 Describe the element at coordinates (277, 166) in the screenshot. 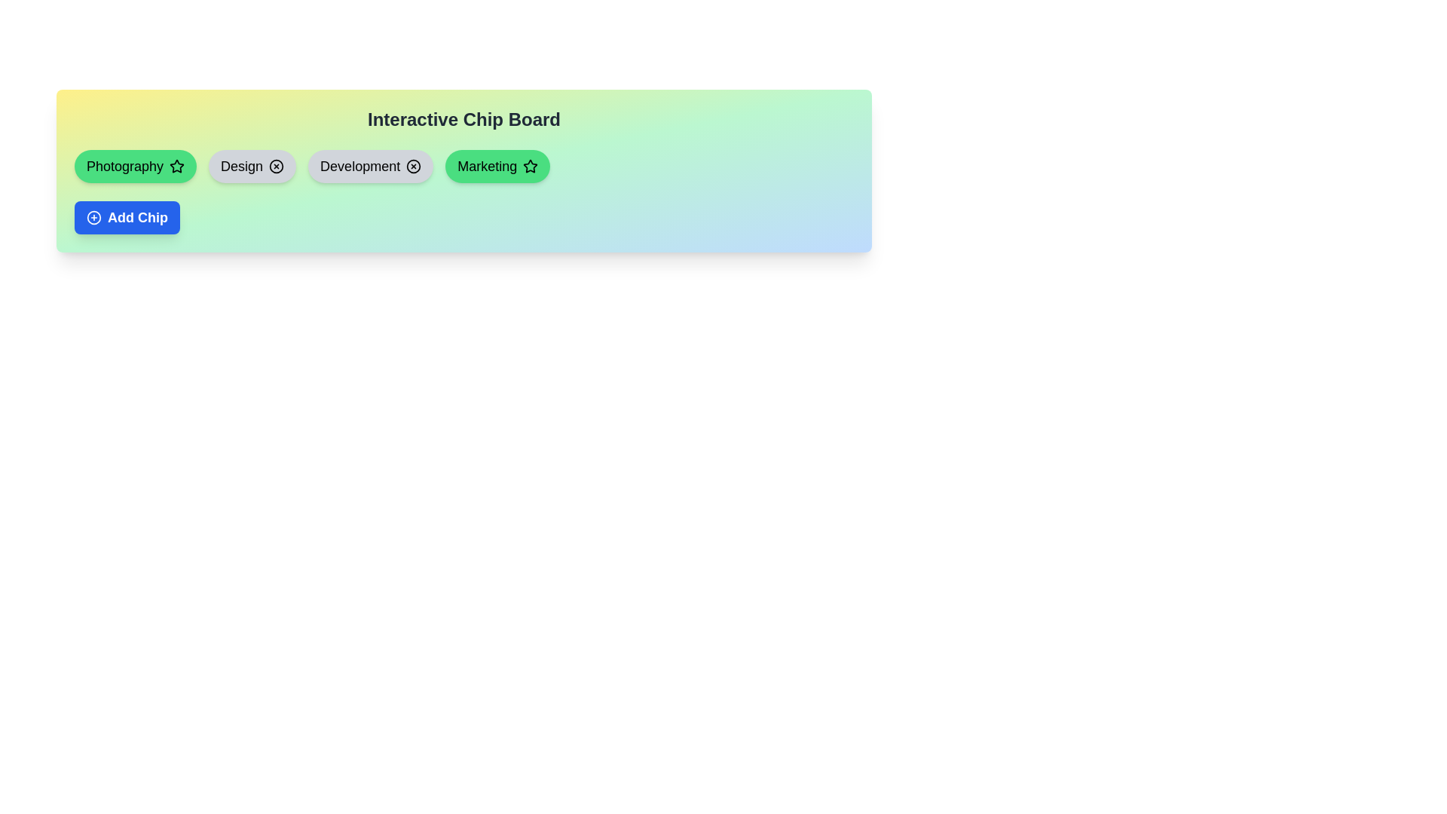

I see `the Close button icon, which is a circular icon with a cross (X) symbol, located on the right side of the 'Design' button within the interactive chip interface` at that location.